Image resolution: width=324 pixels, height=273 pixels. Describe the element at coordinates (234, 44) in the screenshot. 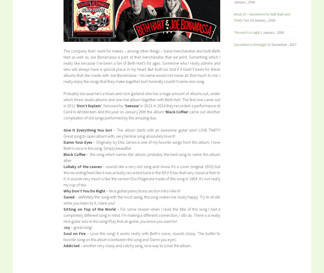

I see `'December in hindsight'` at that location.